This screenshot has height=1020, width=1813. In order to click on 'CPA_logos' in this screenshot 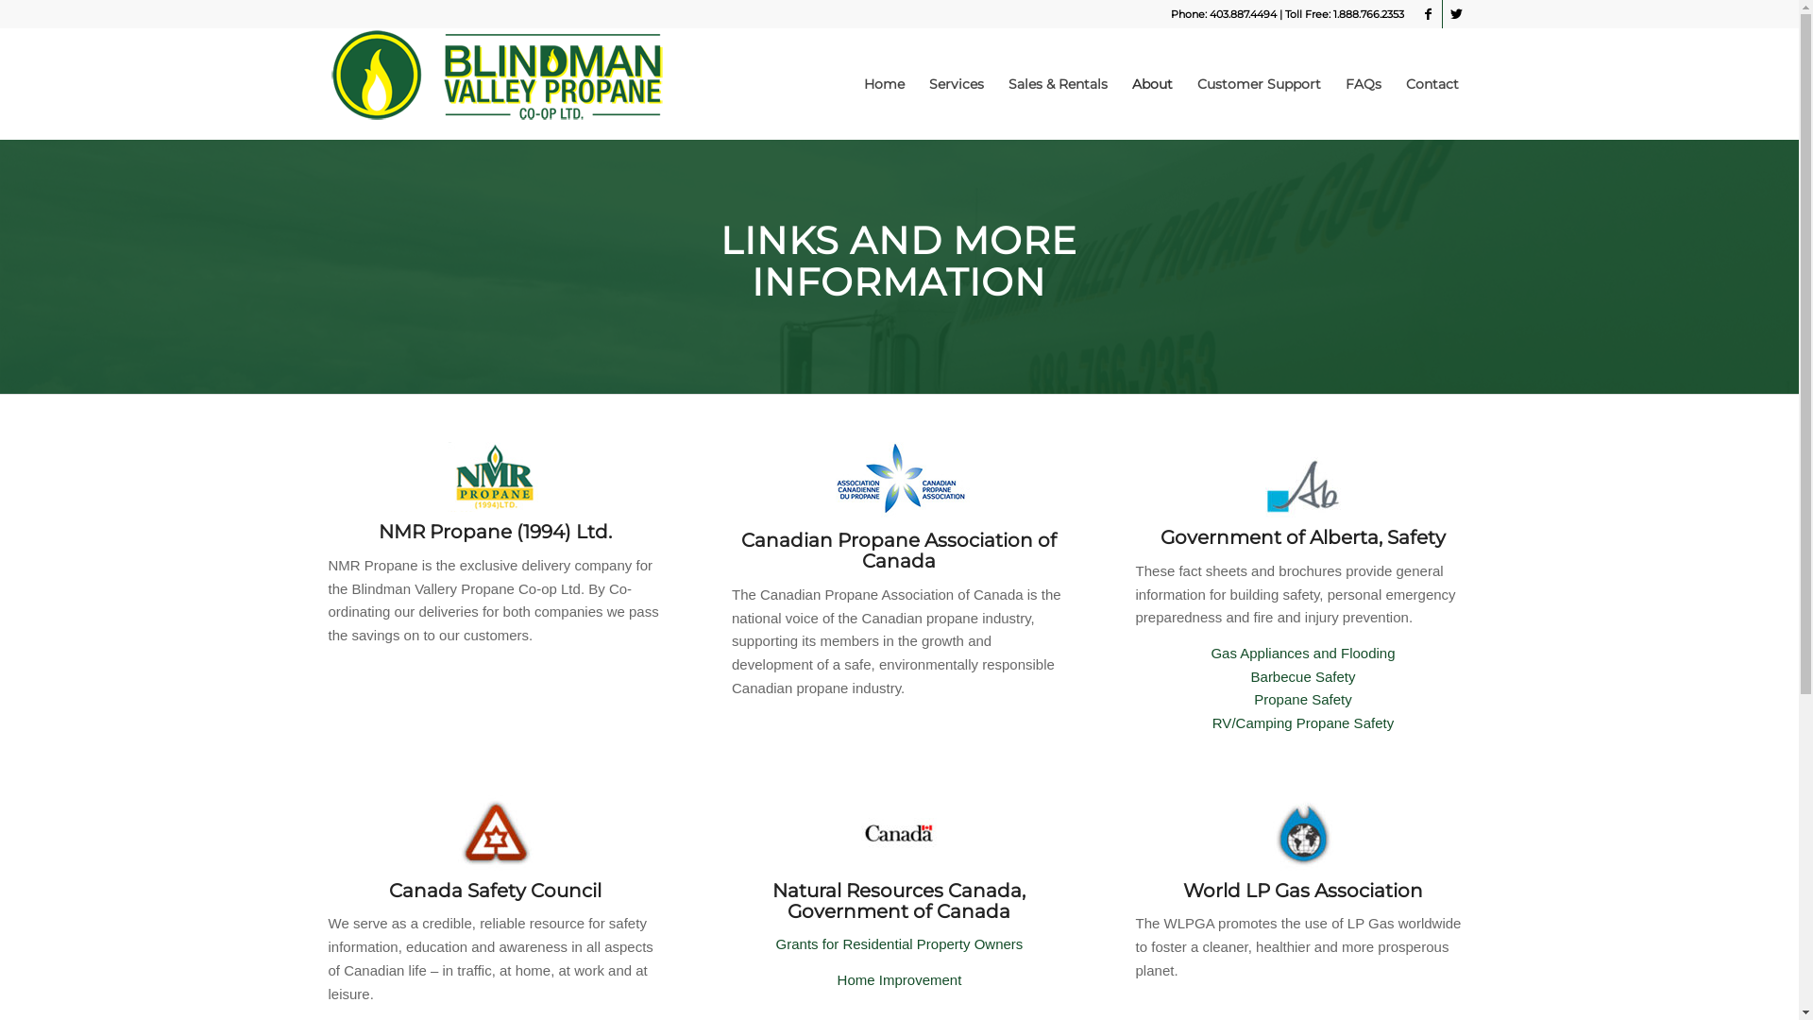, I will do `click(897, 480)`.